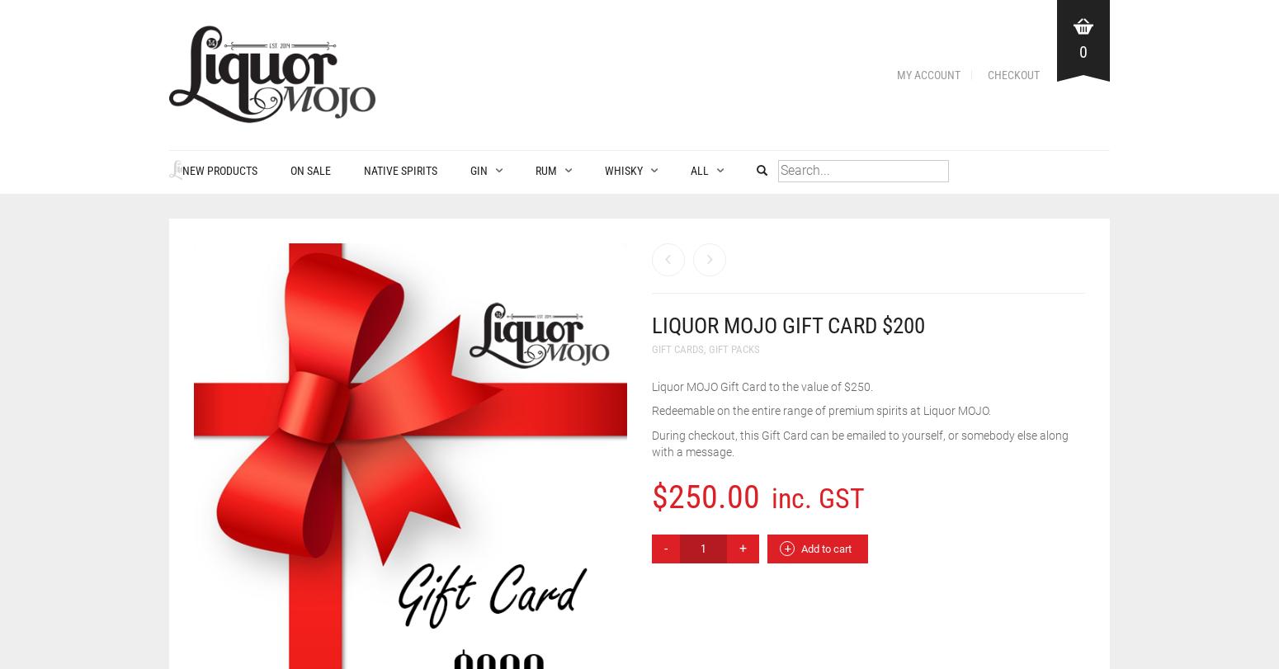  Describe the element at coordinates (820, 410) in the screenshot. I see `'Redeemable on the entire range of premium spirits at Liquor MOJO.'` at that location.